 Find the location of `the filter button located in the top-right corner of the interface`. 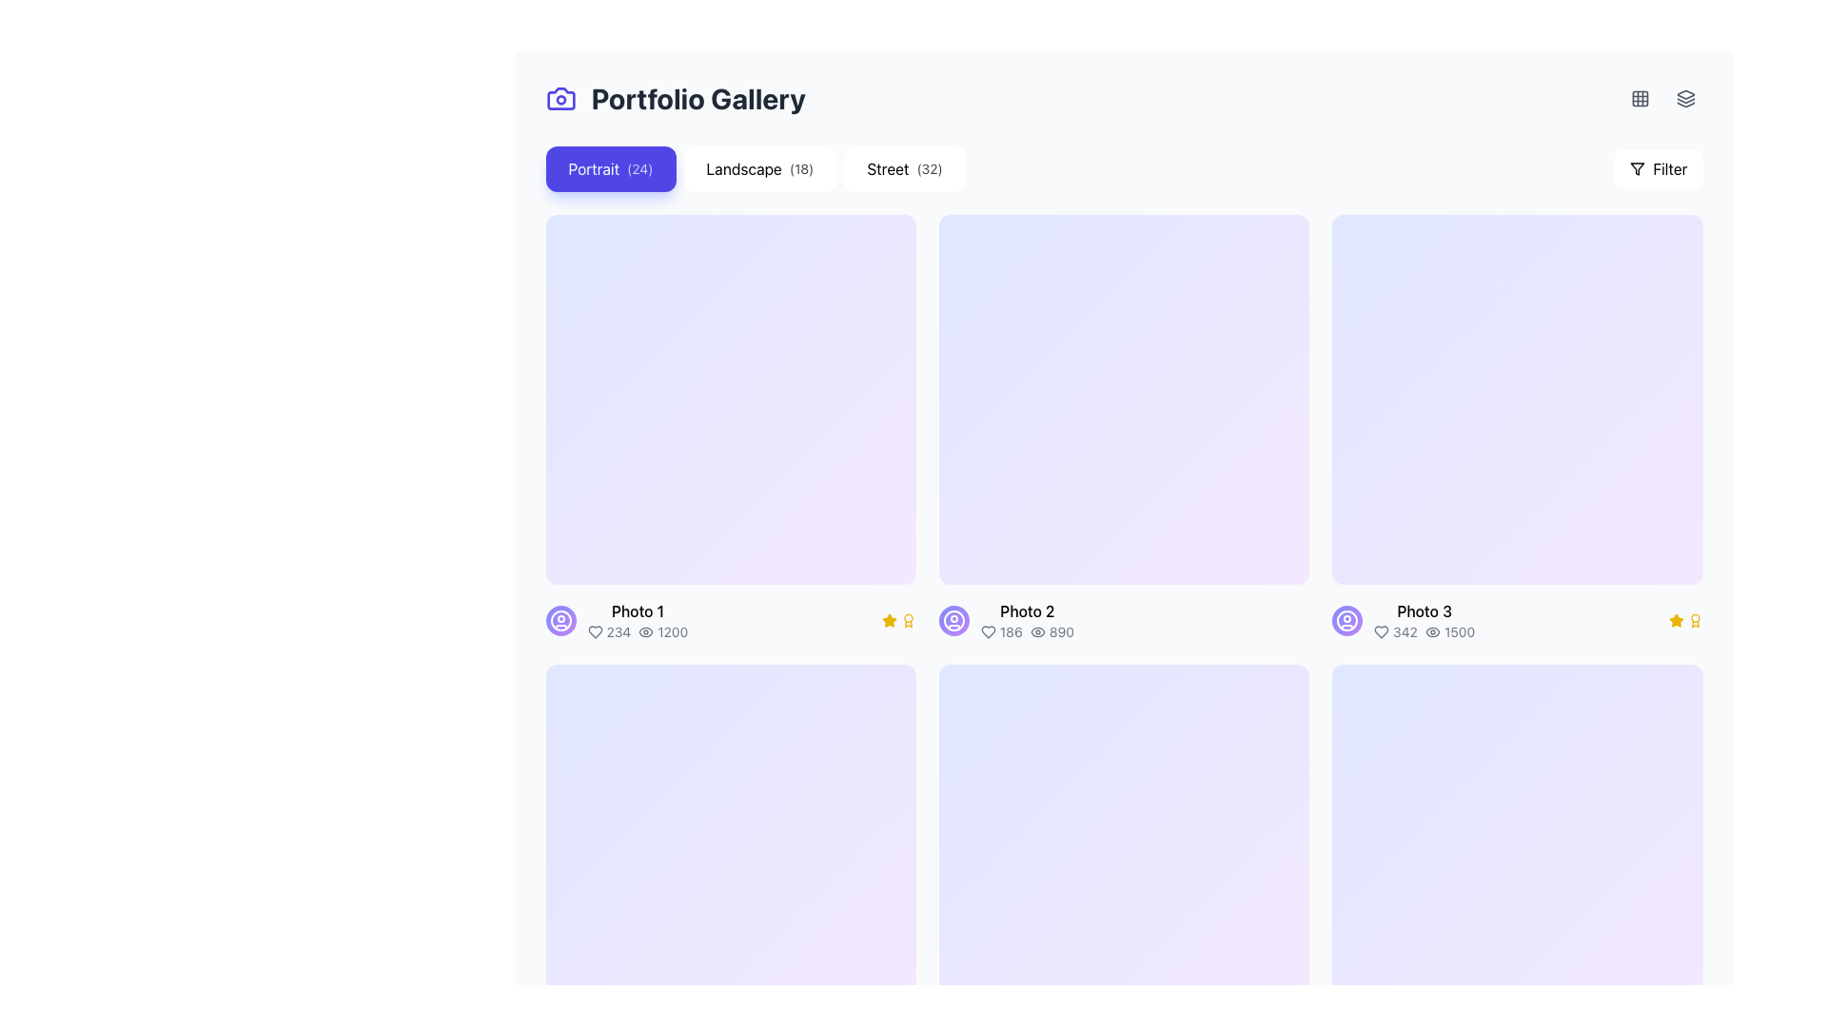

the filter button located in the top-right corner of the interface is located at coordinates (1658, 167).